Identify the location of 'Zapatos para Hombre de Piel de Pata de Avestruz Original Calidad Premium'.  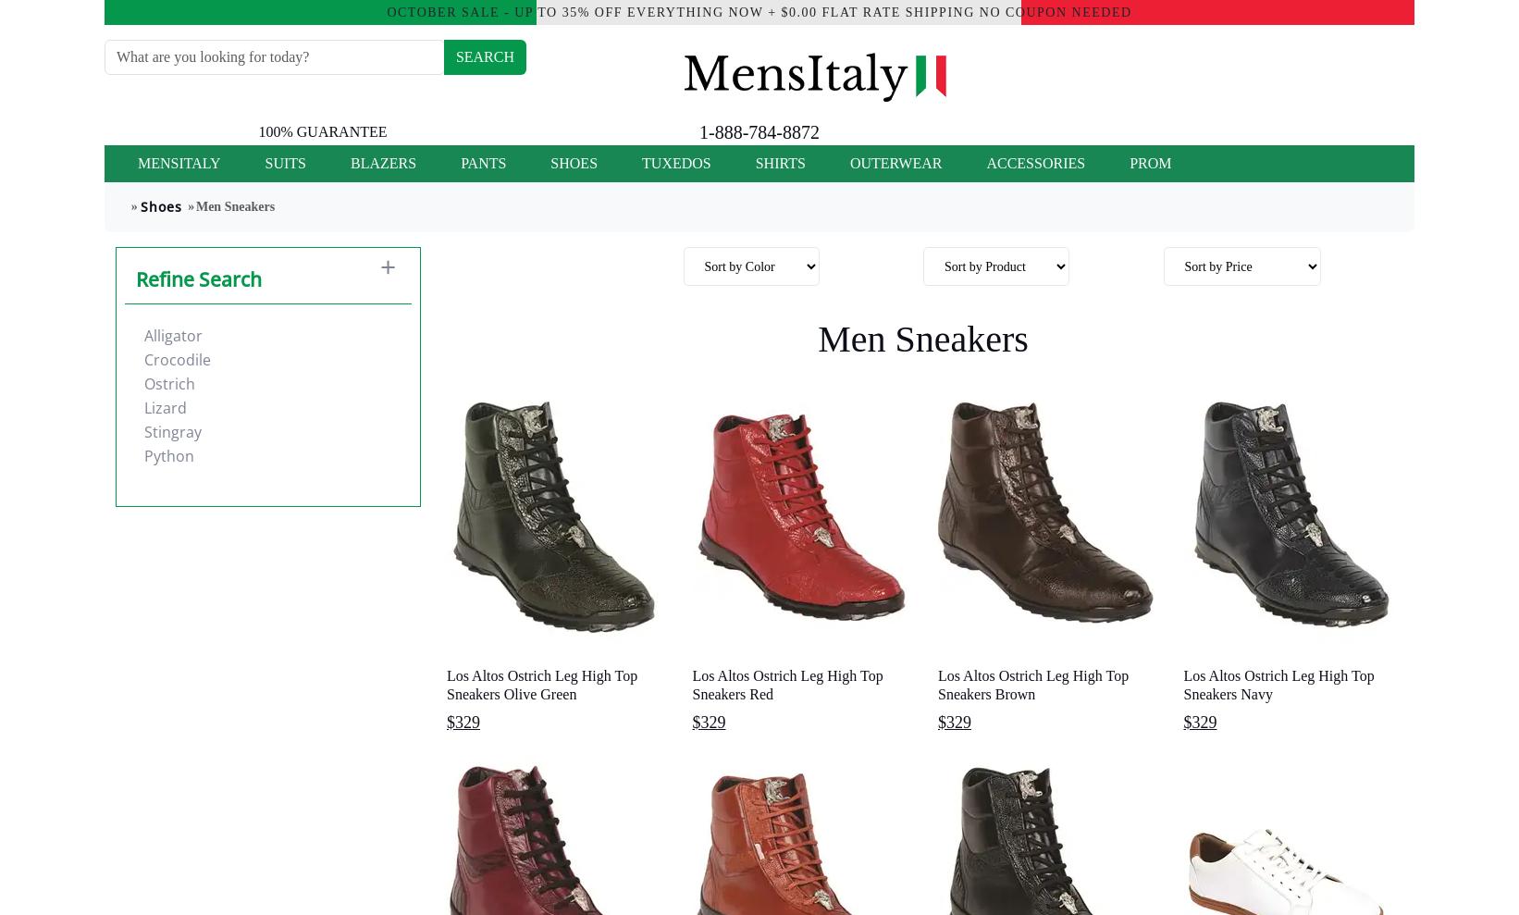
(546, 204).